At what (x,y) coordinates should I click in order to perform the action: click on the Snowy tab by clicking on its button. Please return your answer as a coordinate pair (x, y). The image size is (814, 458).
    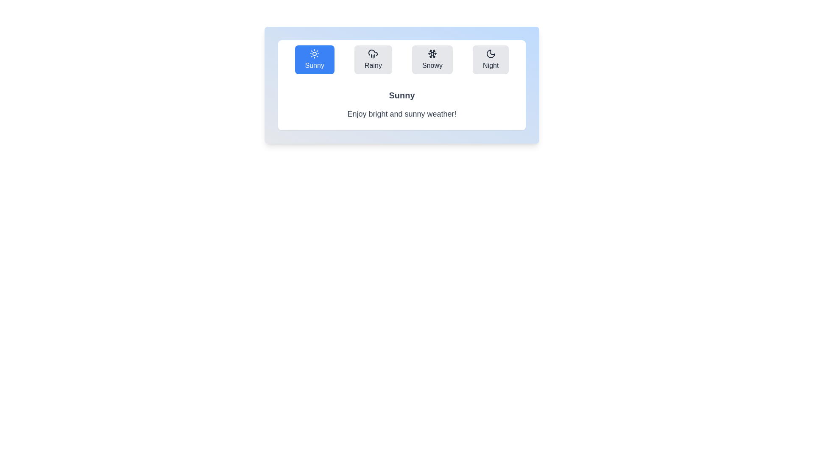
    Looking at the image, I should click on (432, 59).